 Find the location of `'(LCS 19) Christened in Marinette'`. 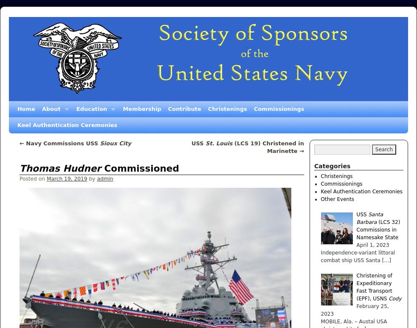

'(LCS 19) Christened in Marinette' is located at coordinates (268, 147).